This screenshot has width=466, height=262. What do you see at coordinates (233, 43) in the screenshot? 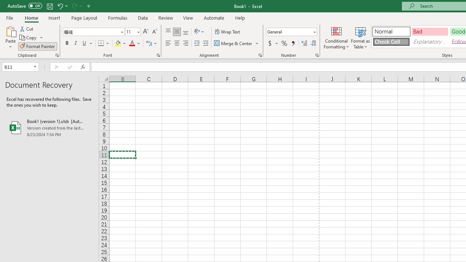
I see `'Merge & Center'` at bounding box center [233, 43].